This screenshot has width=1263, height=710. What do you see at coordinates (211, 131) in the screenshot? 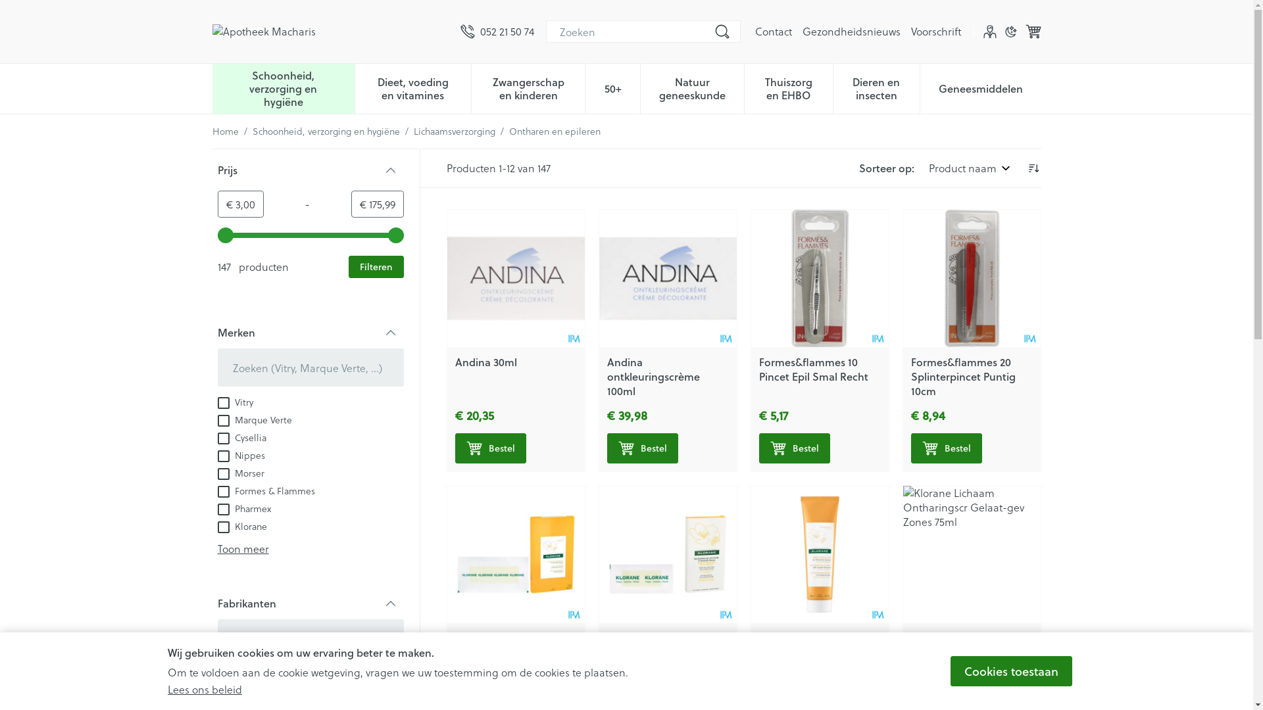
I see `'Home'` at bounding box center [211, 131].